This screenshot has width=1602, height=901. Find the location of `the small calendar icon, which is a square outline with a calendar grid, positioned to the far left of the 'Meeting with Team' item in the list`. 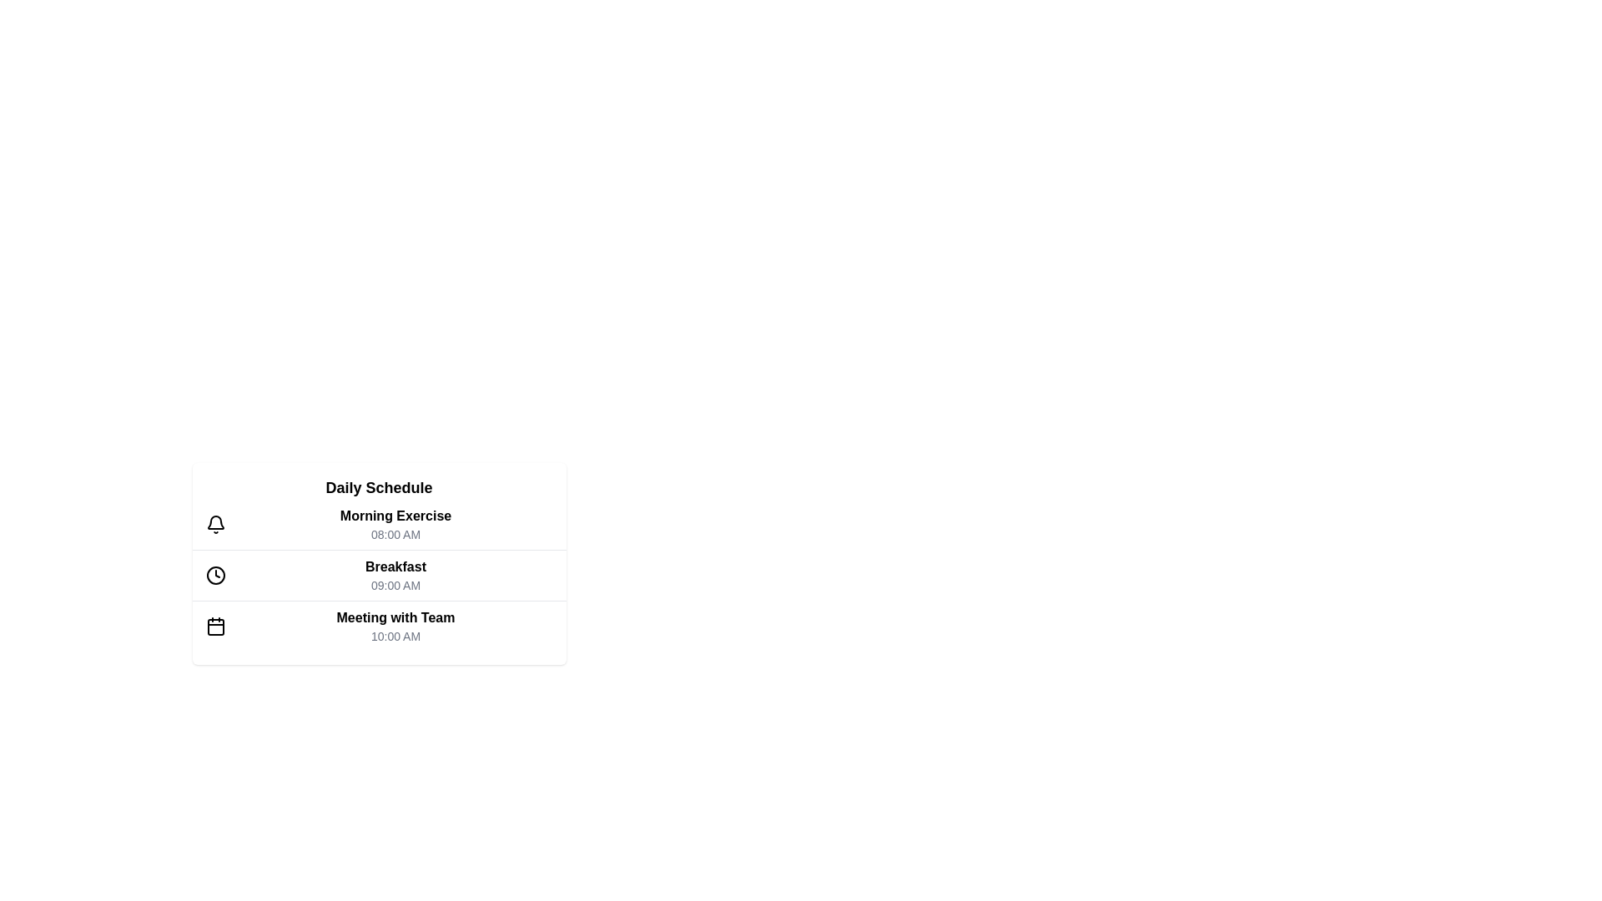

the small calendar icon, which is a square outline with a calendar grid, positioned to the far left of the 'Meeting with Team' item in the list is located at coordinates (214, 627).